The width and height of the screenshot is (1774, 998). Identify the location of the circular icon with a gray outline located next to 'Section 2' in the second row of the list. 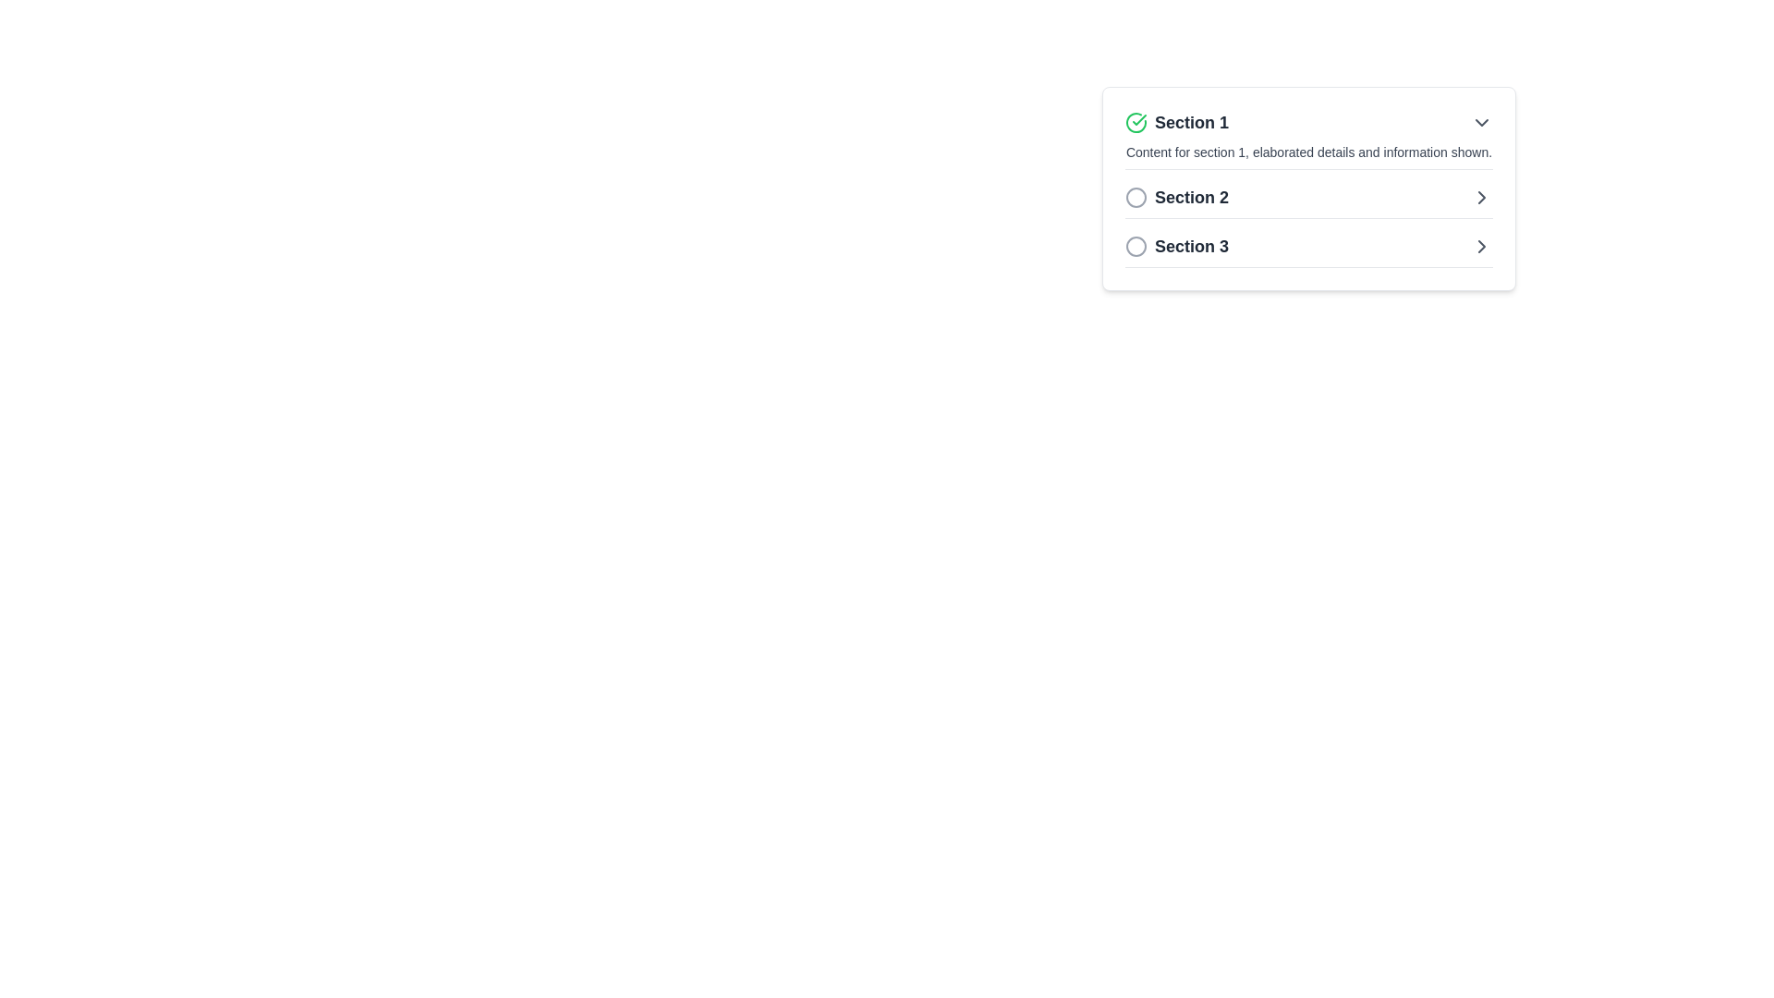
(1135, 197).